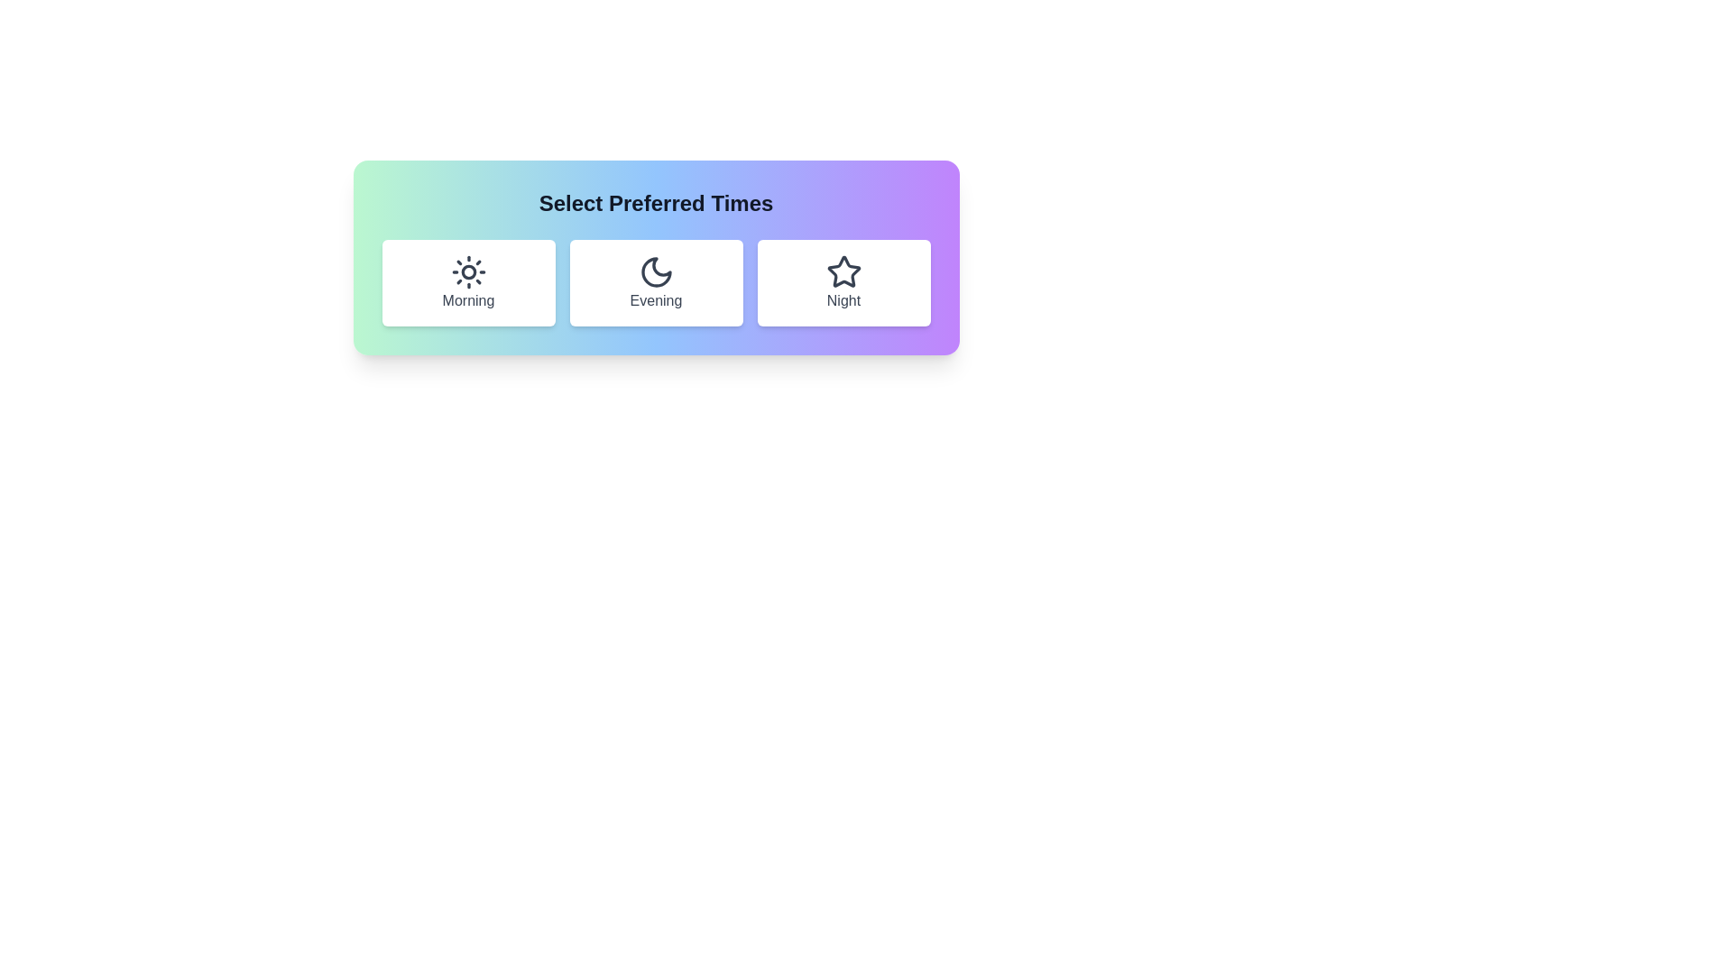  Describe the element at coordinates (655, 203) in the screenshot. I see `the heading text 'Select Preferred Times'` at that location.